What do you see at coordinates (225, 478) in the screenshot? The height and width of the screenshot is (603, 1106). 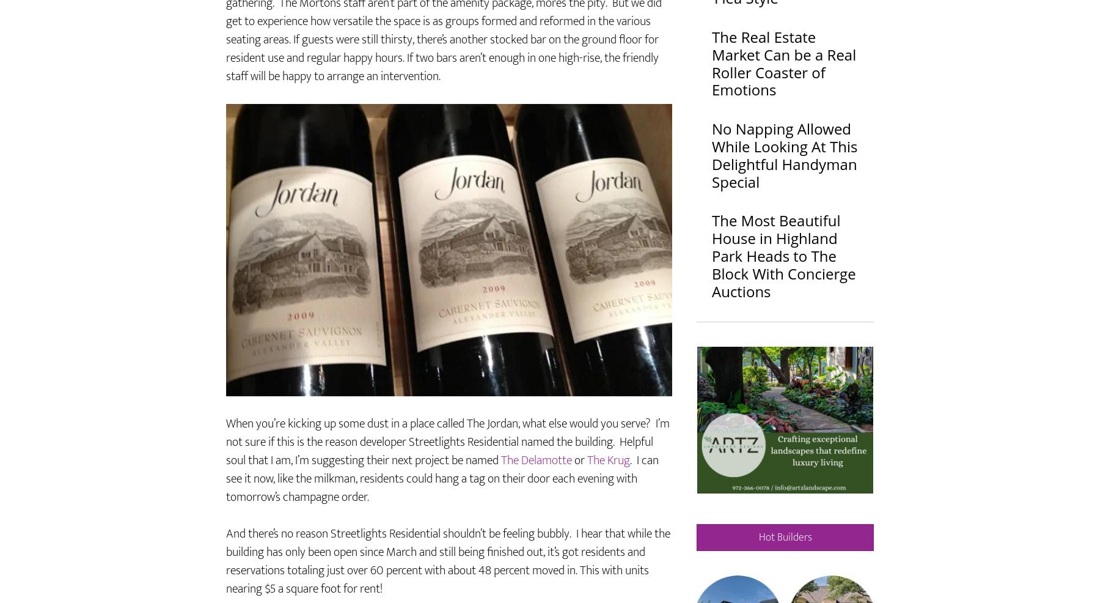 I see `'When you’re kicking up some dust in a place called The Jordan, what else would you serve?  I’m not sure if this is the reason developer Streetlights Residential named the building.  Helpful soul that I am, I’m suggesting their next project be named'` at bounding box center [225, 478].